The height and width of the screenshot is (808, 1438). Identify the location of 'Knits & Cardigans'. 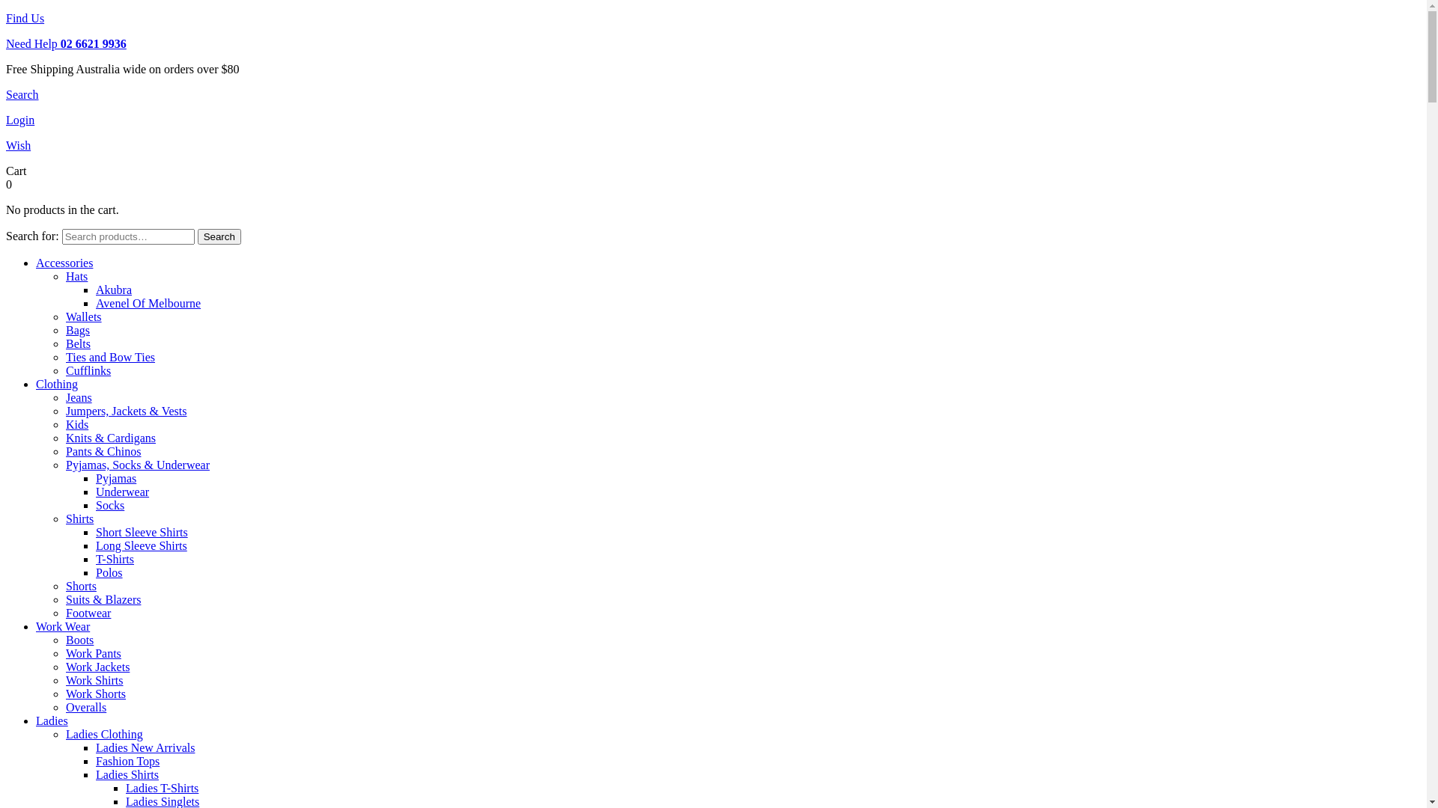
(110, 438).